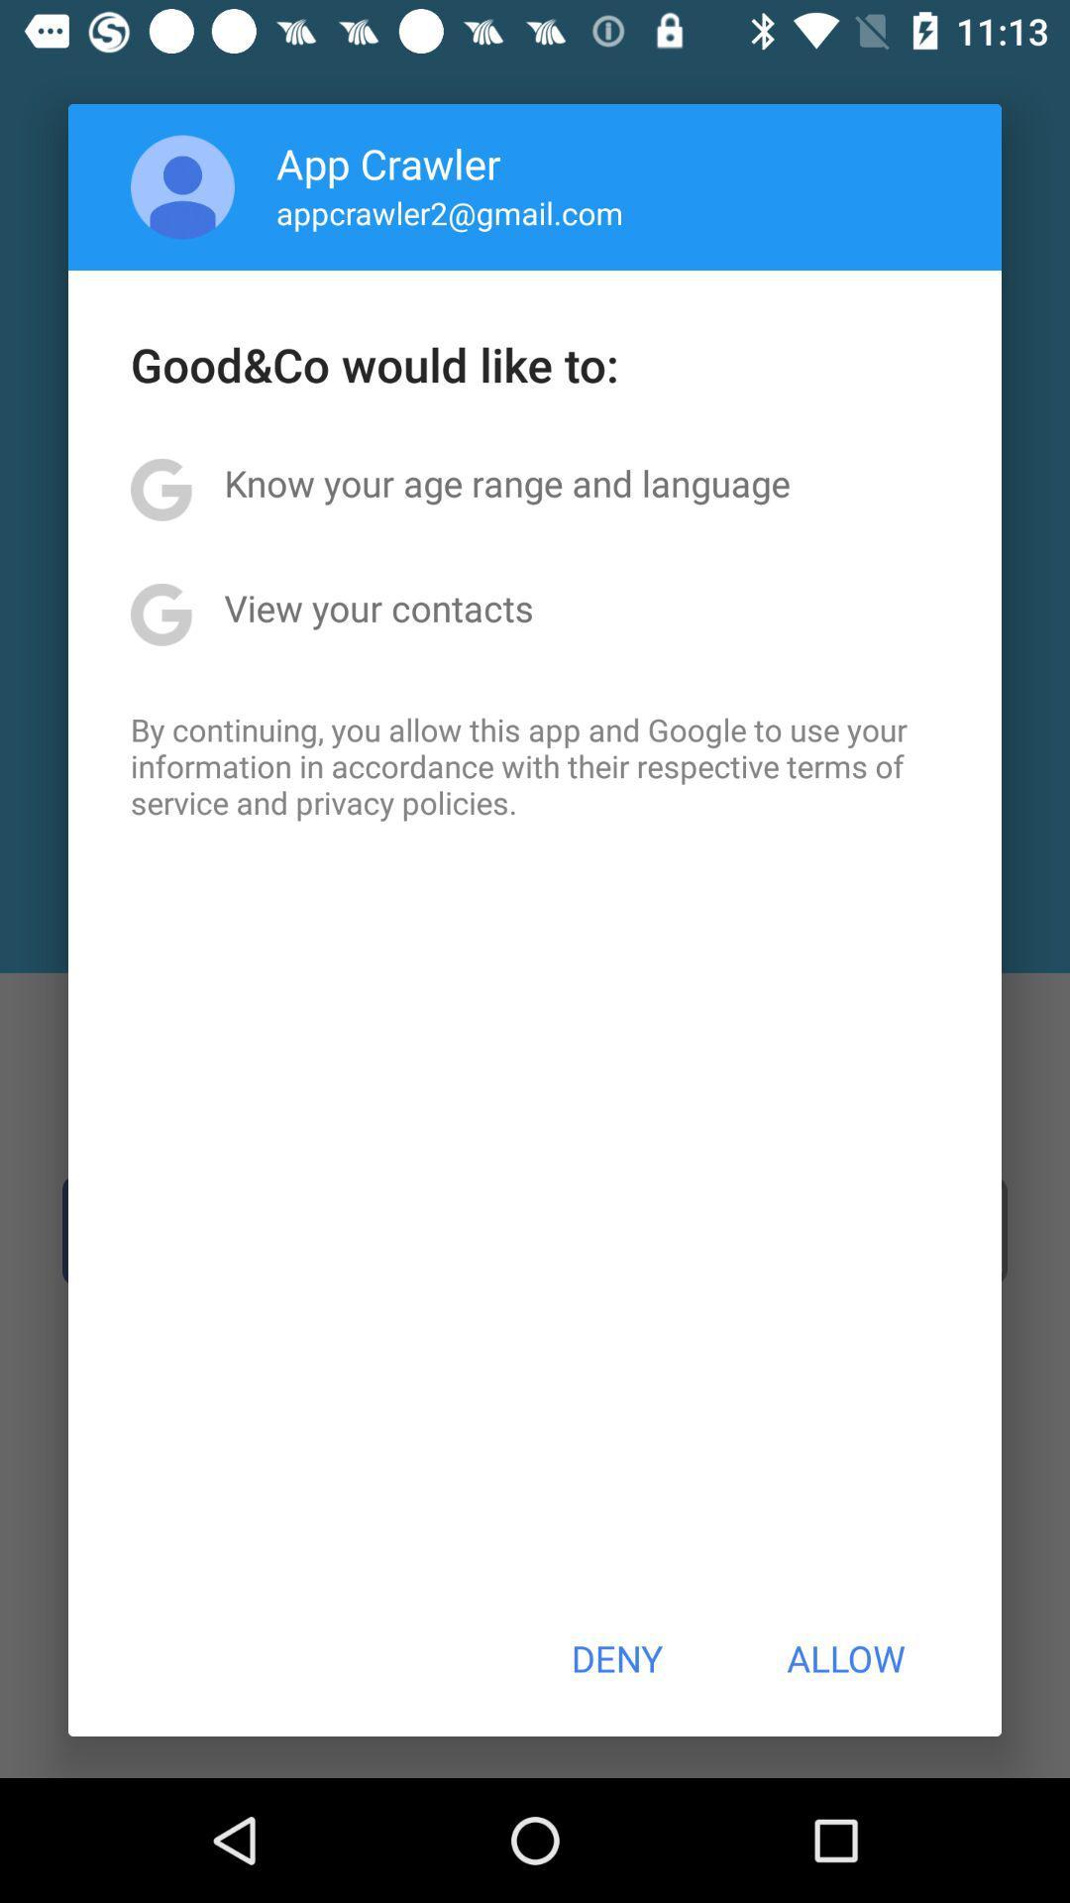 The image size is (1070, 1903). Describe the element at coordinates (615, 1658) in the screenshot. I see `the item next to the allow item` at that location.